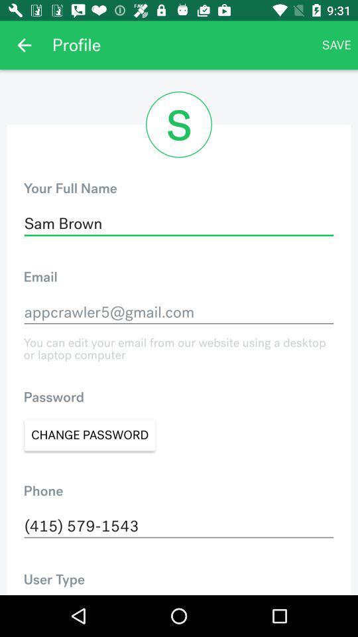 This screenshot has width=358, height=637. What do you see at coordinates (179, 526) in the screenshot?
I see `item below the phone icon` at bounding box center [179, 526].